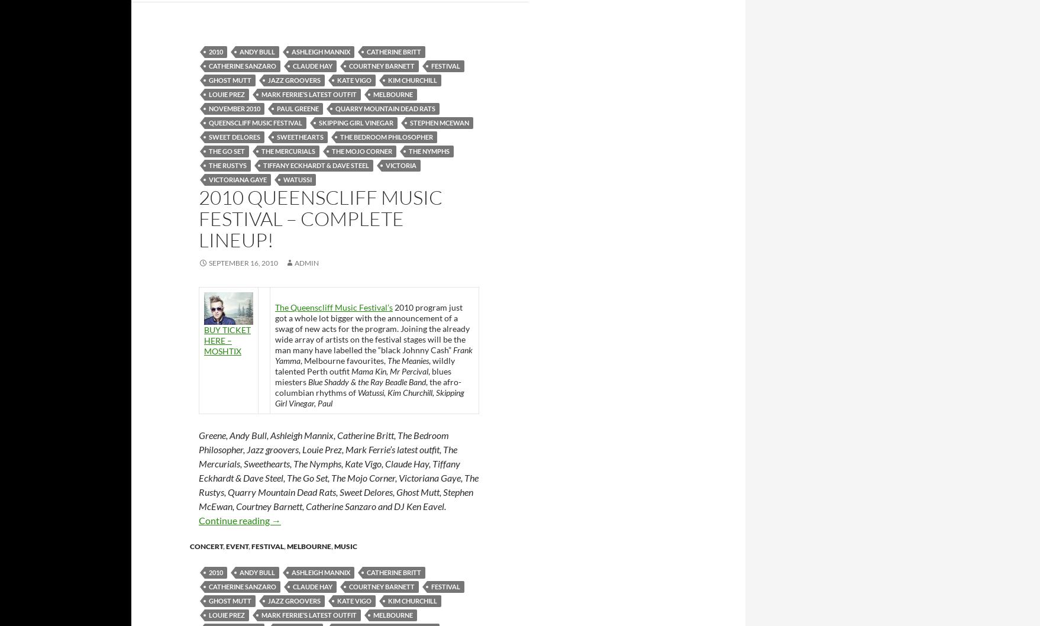 This screenshot has width=1040, height=626. I want to click on 'Tiffany Eckhardt & Dave Steel', so click(315, 164).